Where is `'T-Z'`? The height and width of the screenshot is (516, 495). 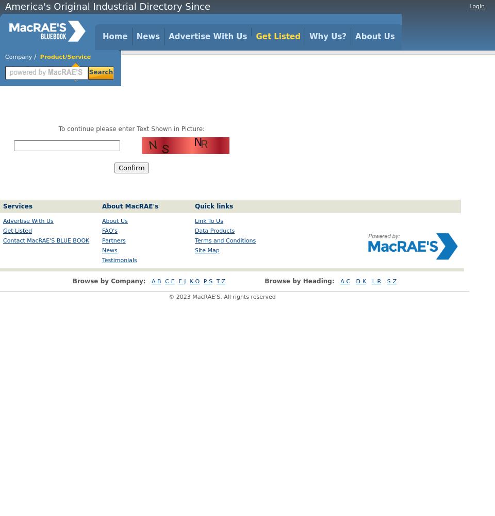
'T-Z' is located at coordinates (220, 281).